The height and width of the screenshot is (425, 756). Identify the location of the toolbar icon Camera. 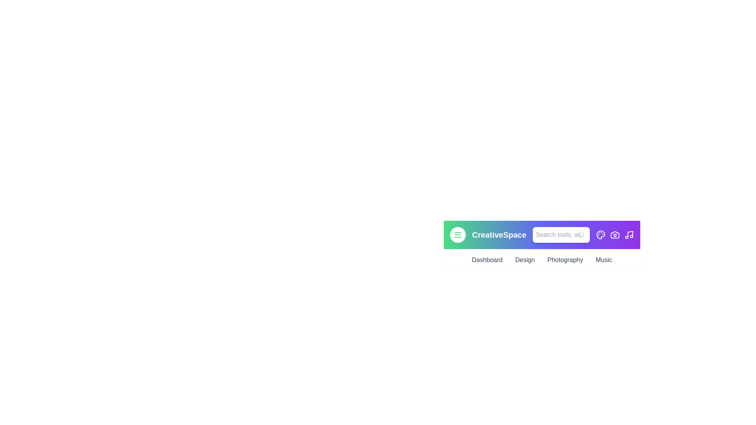
(614, 235).